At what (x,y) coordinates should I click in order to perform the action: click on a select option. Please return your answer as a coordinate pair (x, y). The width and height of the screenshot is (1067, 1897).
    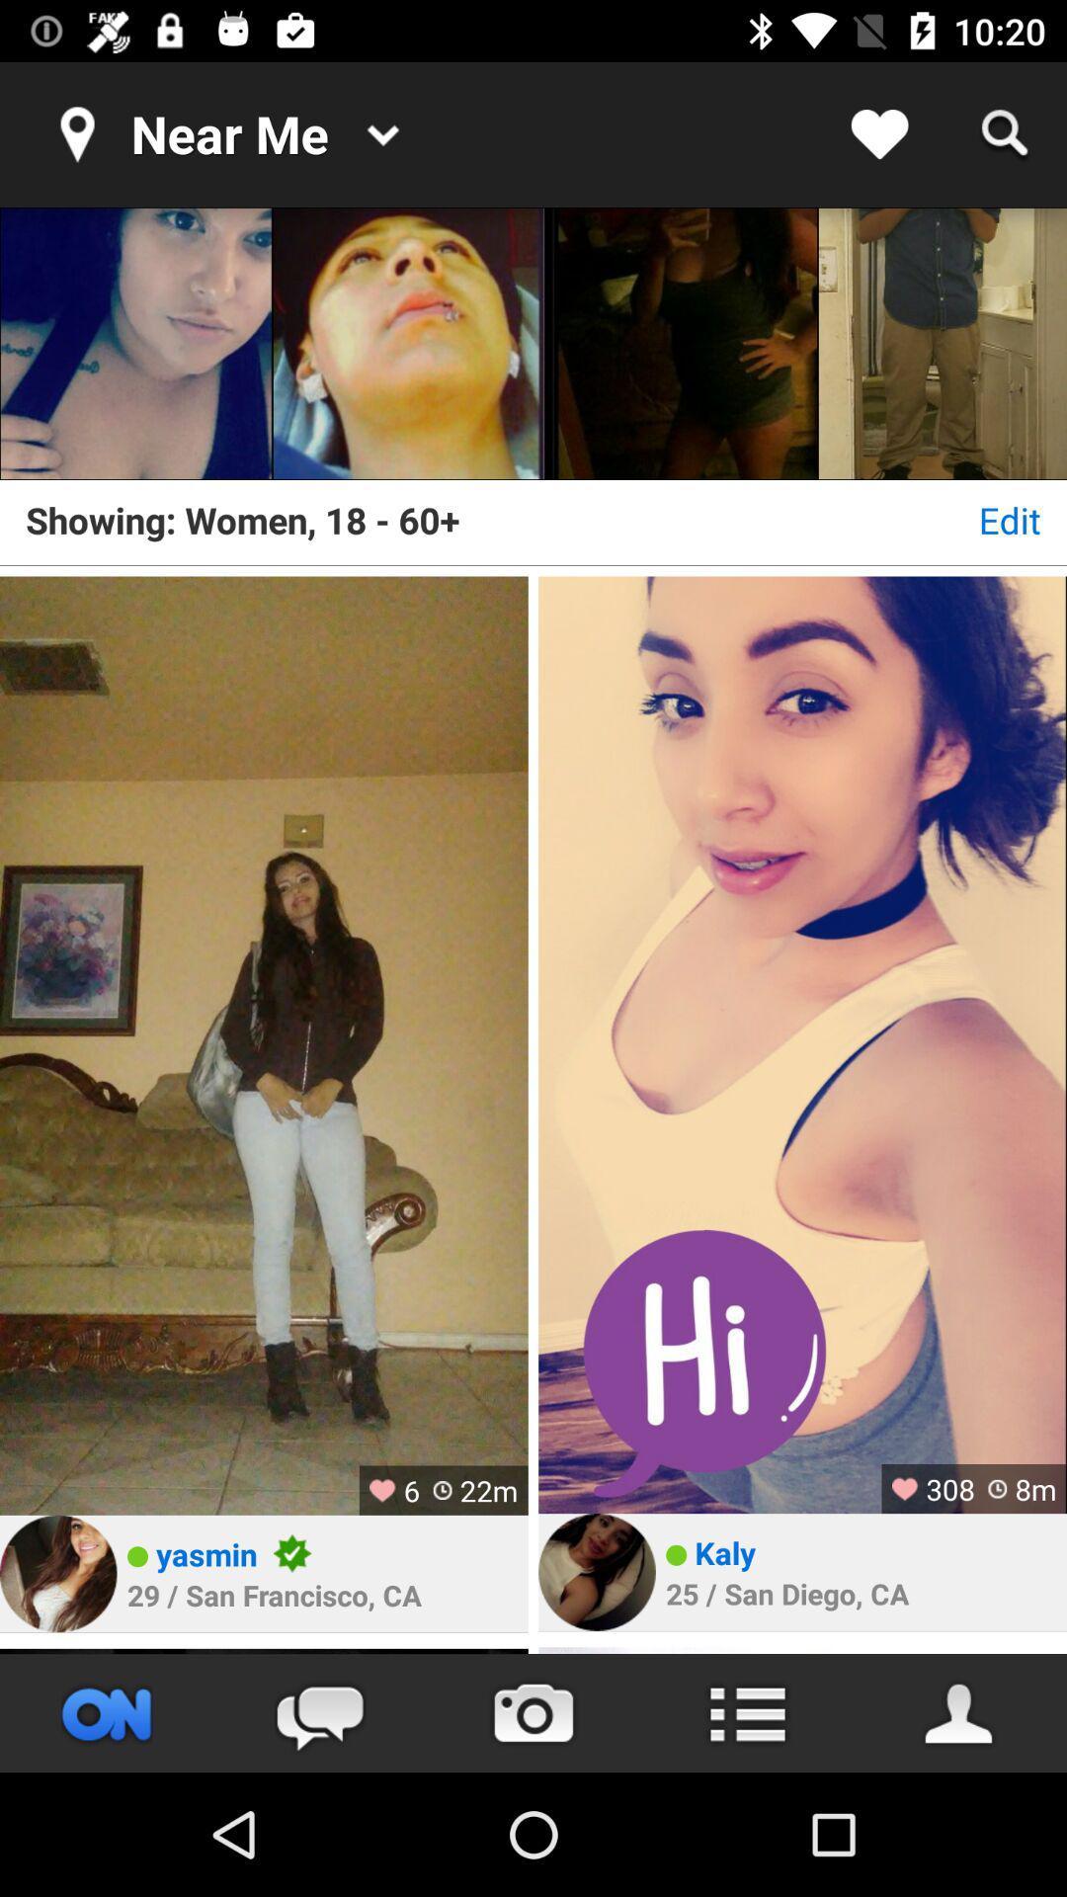
    Looking at the image, I should click on (681, 343).